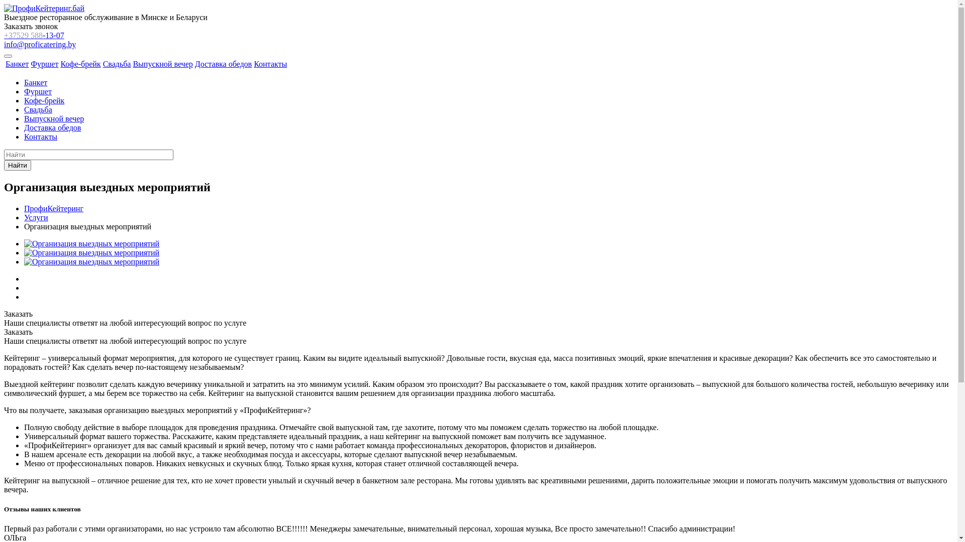 The image size is (965, 542). What do you see at coordinates (34, 35) in the screenshot?
I see `'+37529 588-13-07'` at bounding box center [34, 35].